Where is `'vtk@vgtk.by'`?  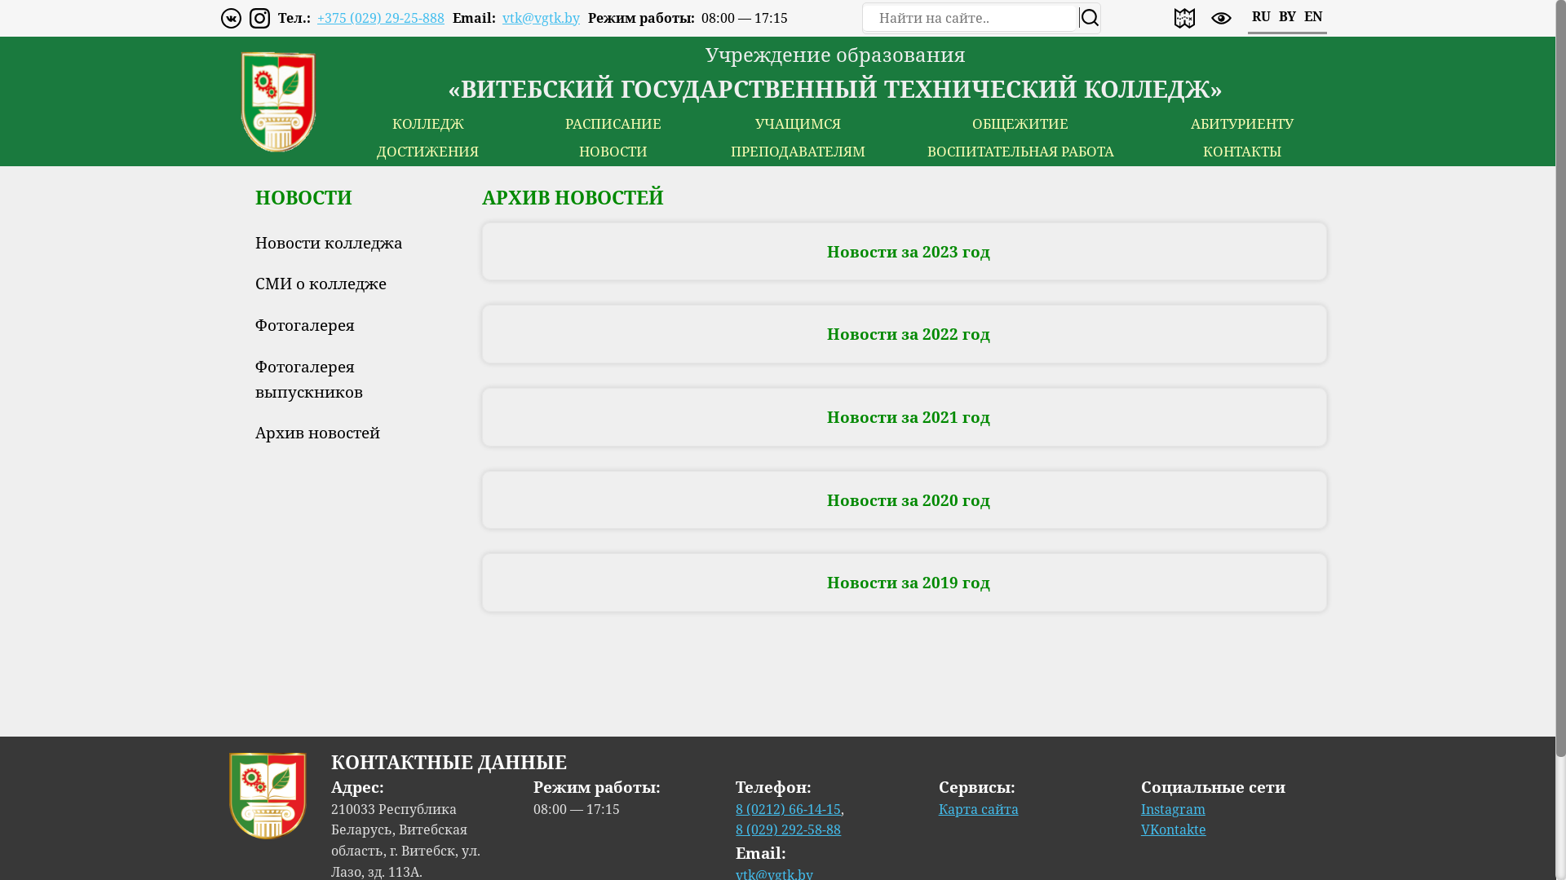
'vtk@vgtk.by' is located at coordinates (541, 19).